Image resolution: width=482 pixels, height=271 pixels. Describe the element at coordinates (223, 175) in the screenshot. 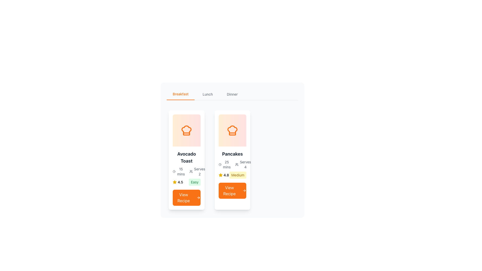

I see `the rating display element showing '4.8' next to a filled yellow star icon, located in the bottom section of the second card under the 'Breakfast' category` at that location.